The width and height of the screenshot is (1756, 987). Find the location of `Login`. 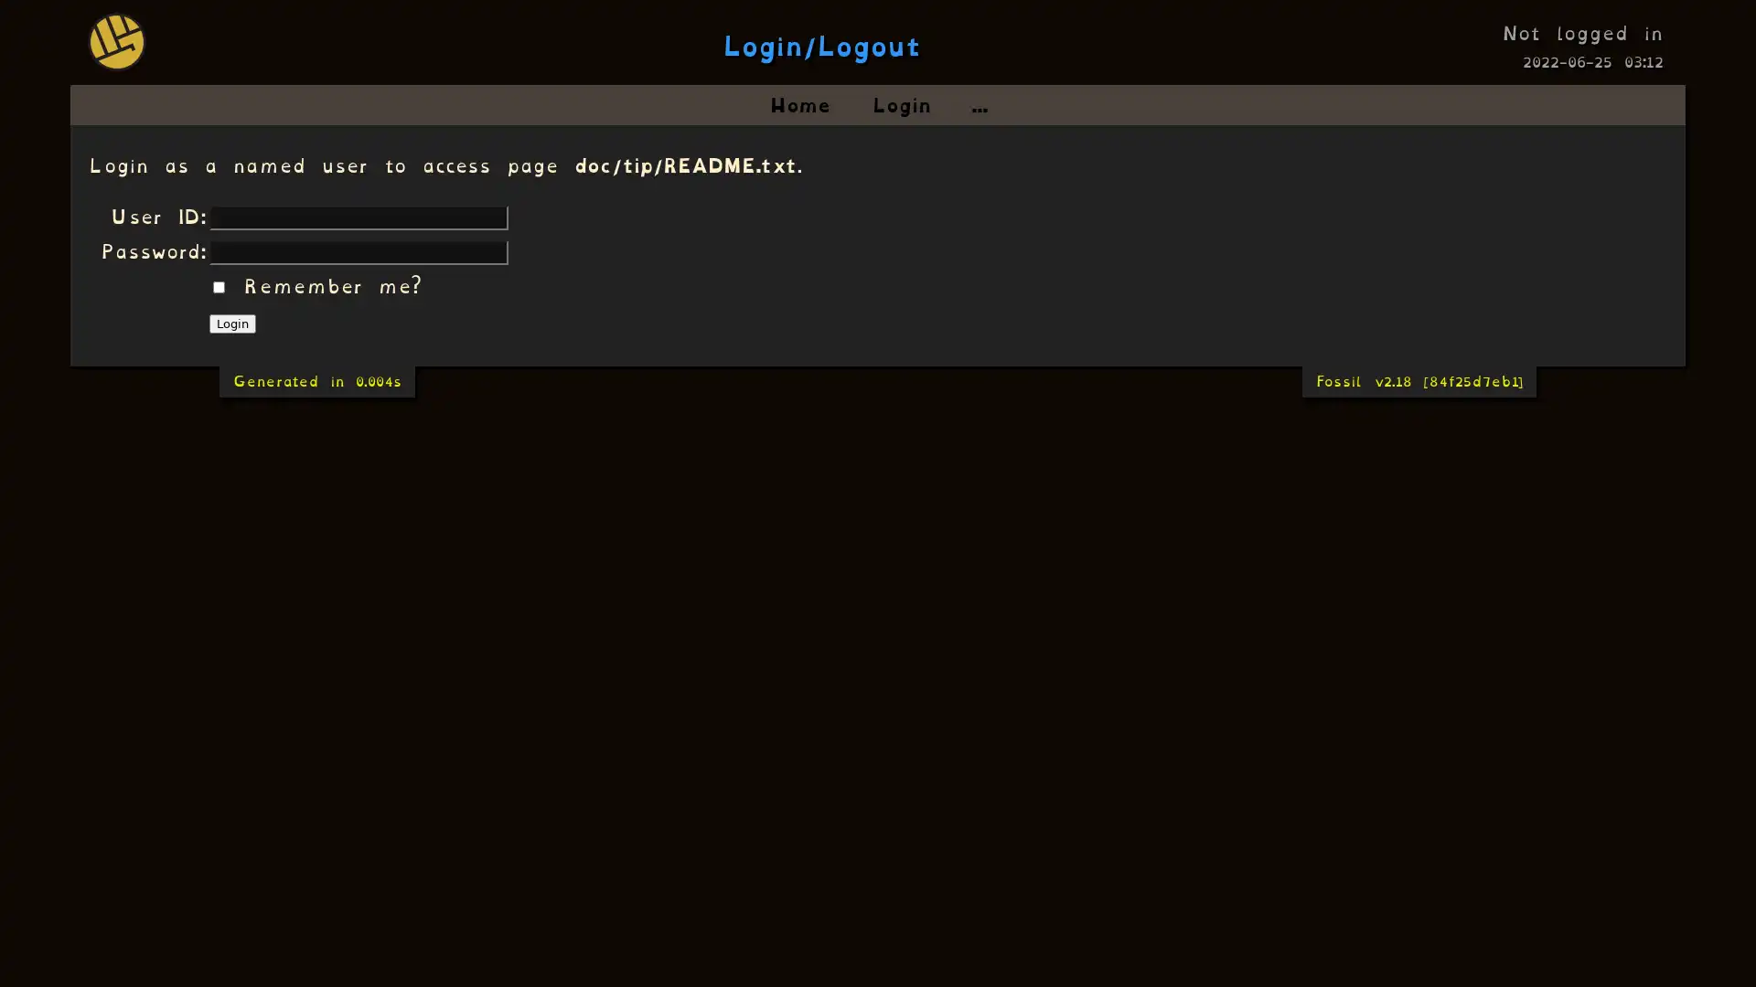

Login is located at coordinates (231, 323).